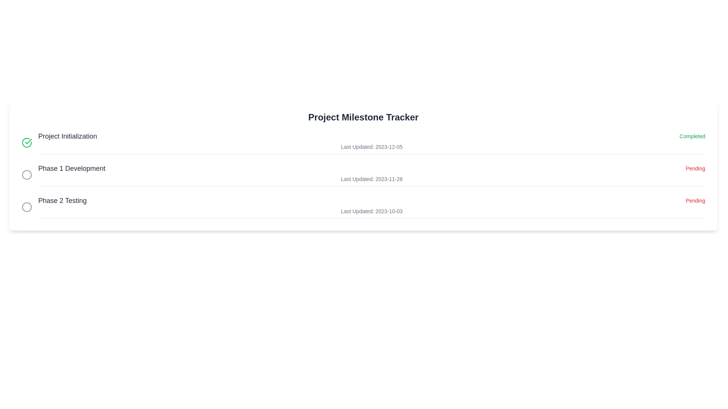  Describe the element at coordinates (27, 142) in the screenshot. I see `the green circle icon with a checkmark that indicates the completion of the 'Project Initialization' milestone` at that location.